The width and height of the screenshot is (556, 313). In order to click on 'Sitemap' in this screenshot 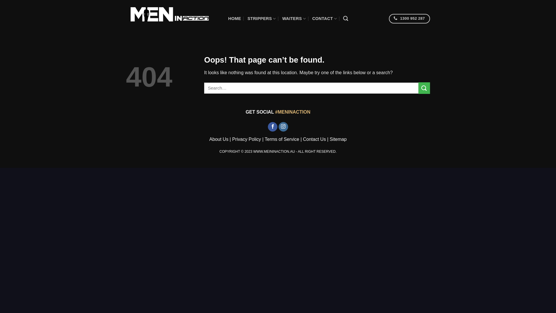, I will do `click(338, 139)`.